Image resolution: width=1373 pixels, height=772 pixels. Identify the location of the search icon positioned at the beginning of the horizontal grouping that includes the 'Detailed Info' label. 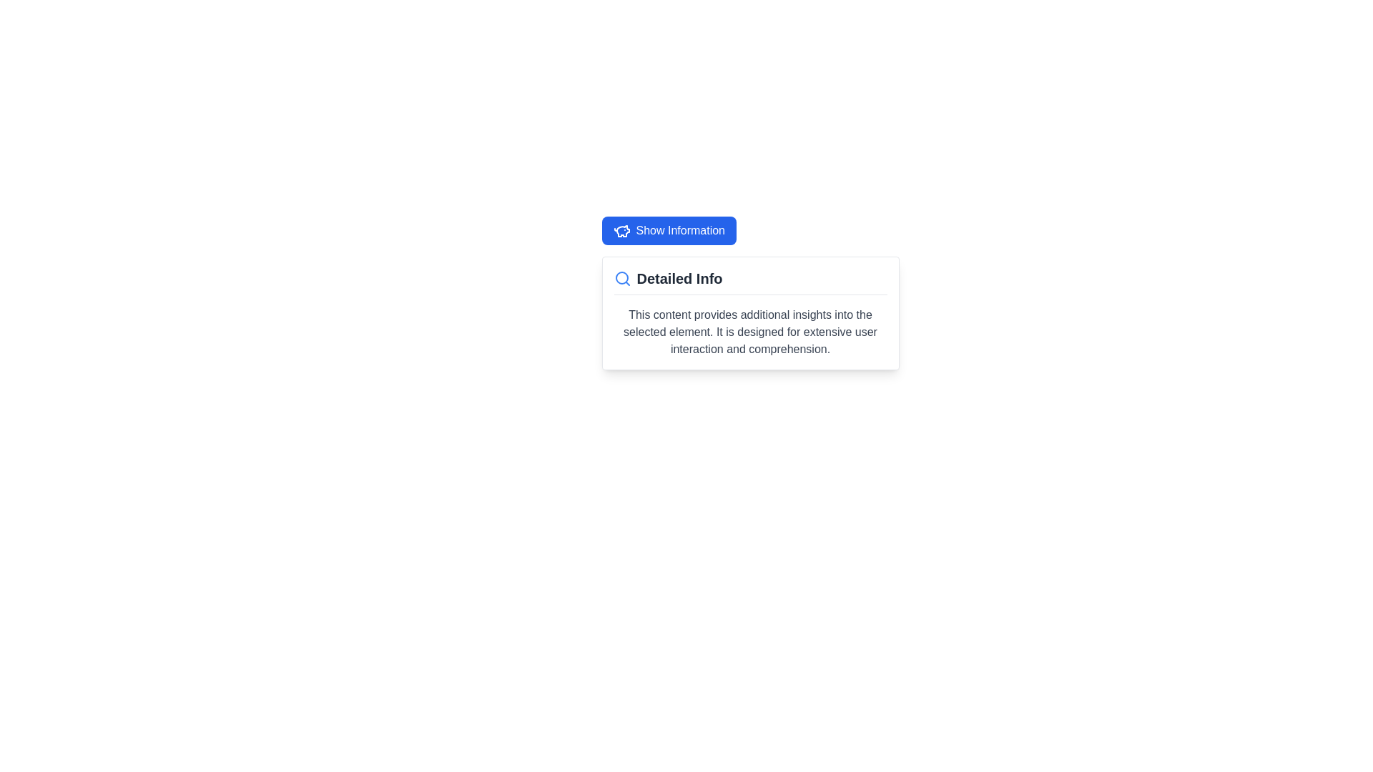
(622, 278).